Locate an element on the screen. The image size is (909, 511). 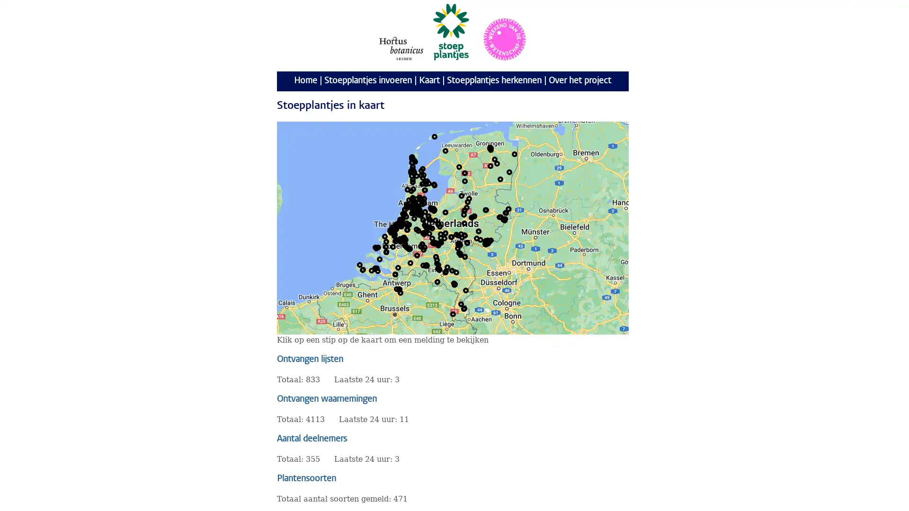
Telling van op 31 mei 2022 is located at coordinates (386, 251).